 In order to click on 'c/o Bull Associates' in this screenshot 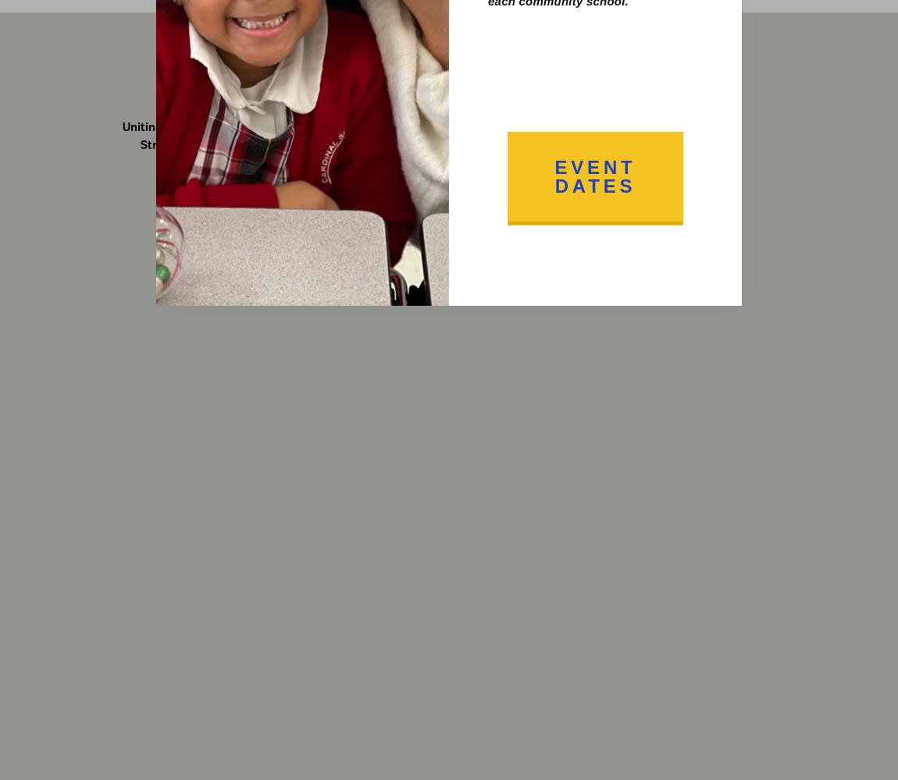, I will do `click(635, 145)`.